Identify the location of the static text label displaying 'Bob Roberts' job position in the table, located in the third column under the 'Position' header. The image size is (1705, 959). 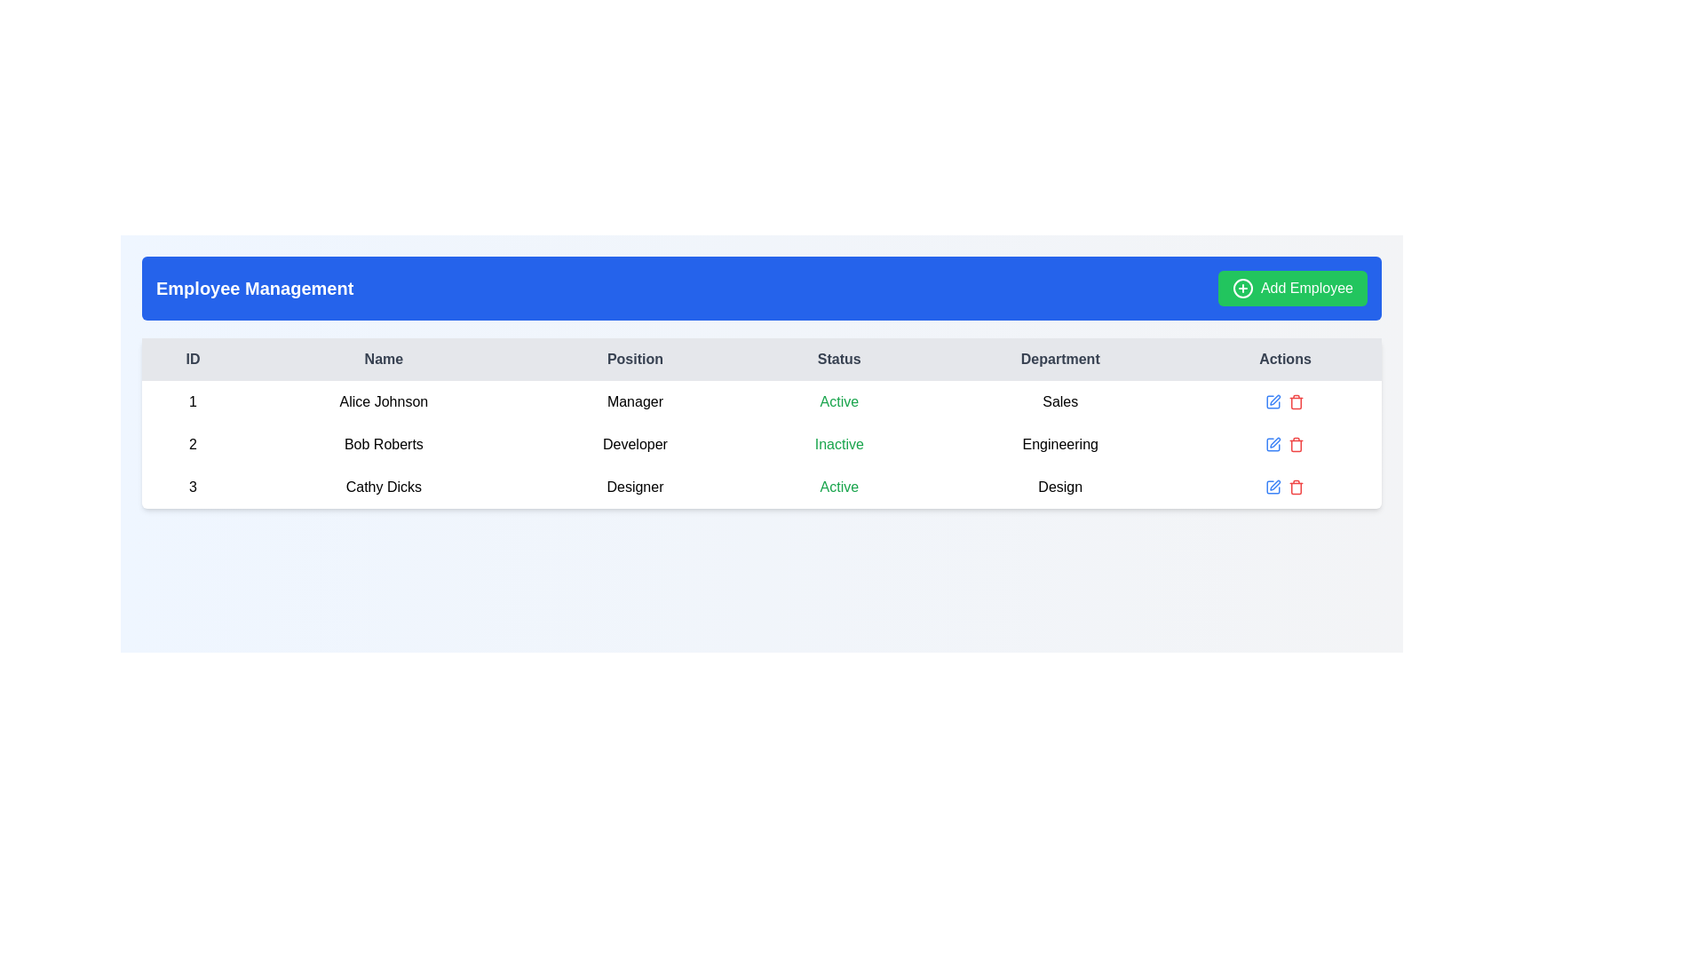
(635, 444).